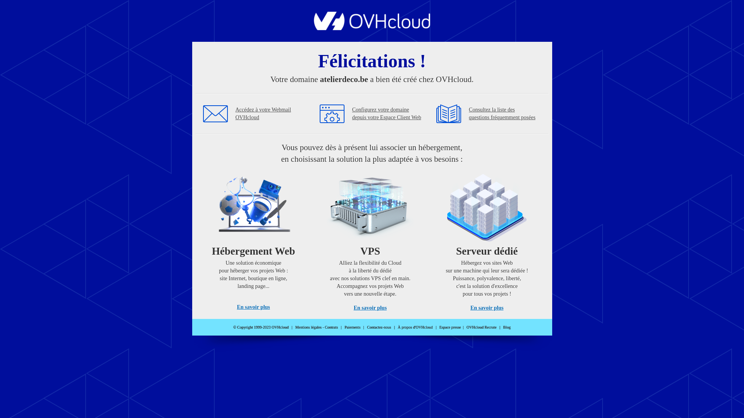 Image resolution: width=744 pixels, height=418 pixels. I want to click on 'OVHcloud Recrute', so click(481, 327).